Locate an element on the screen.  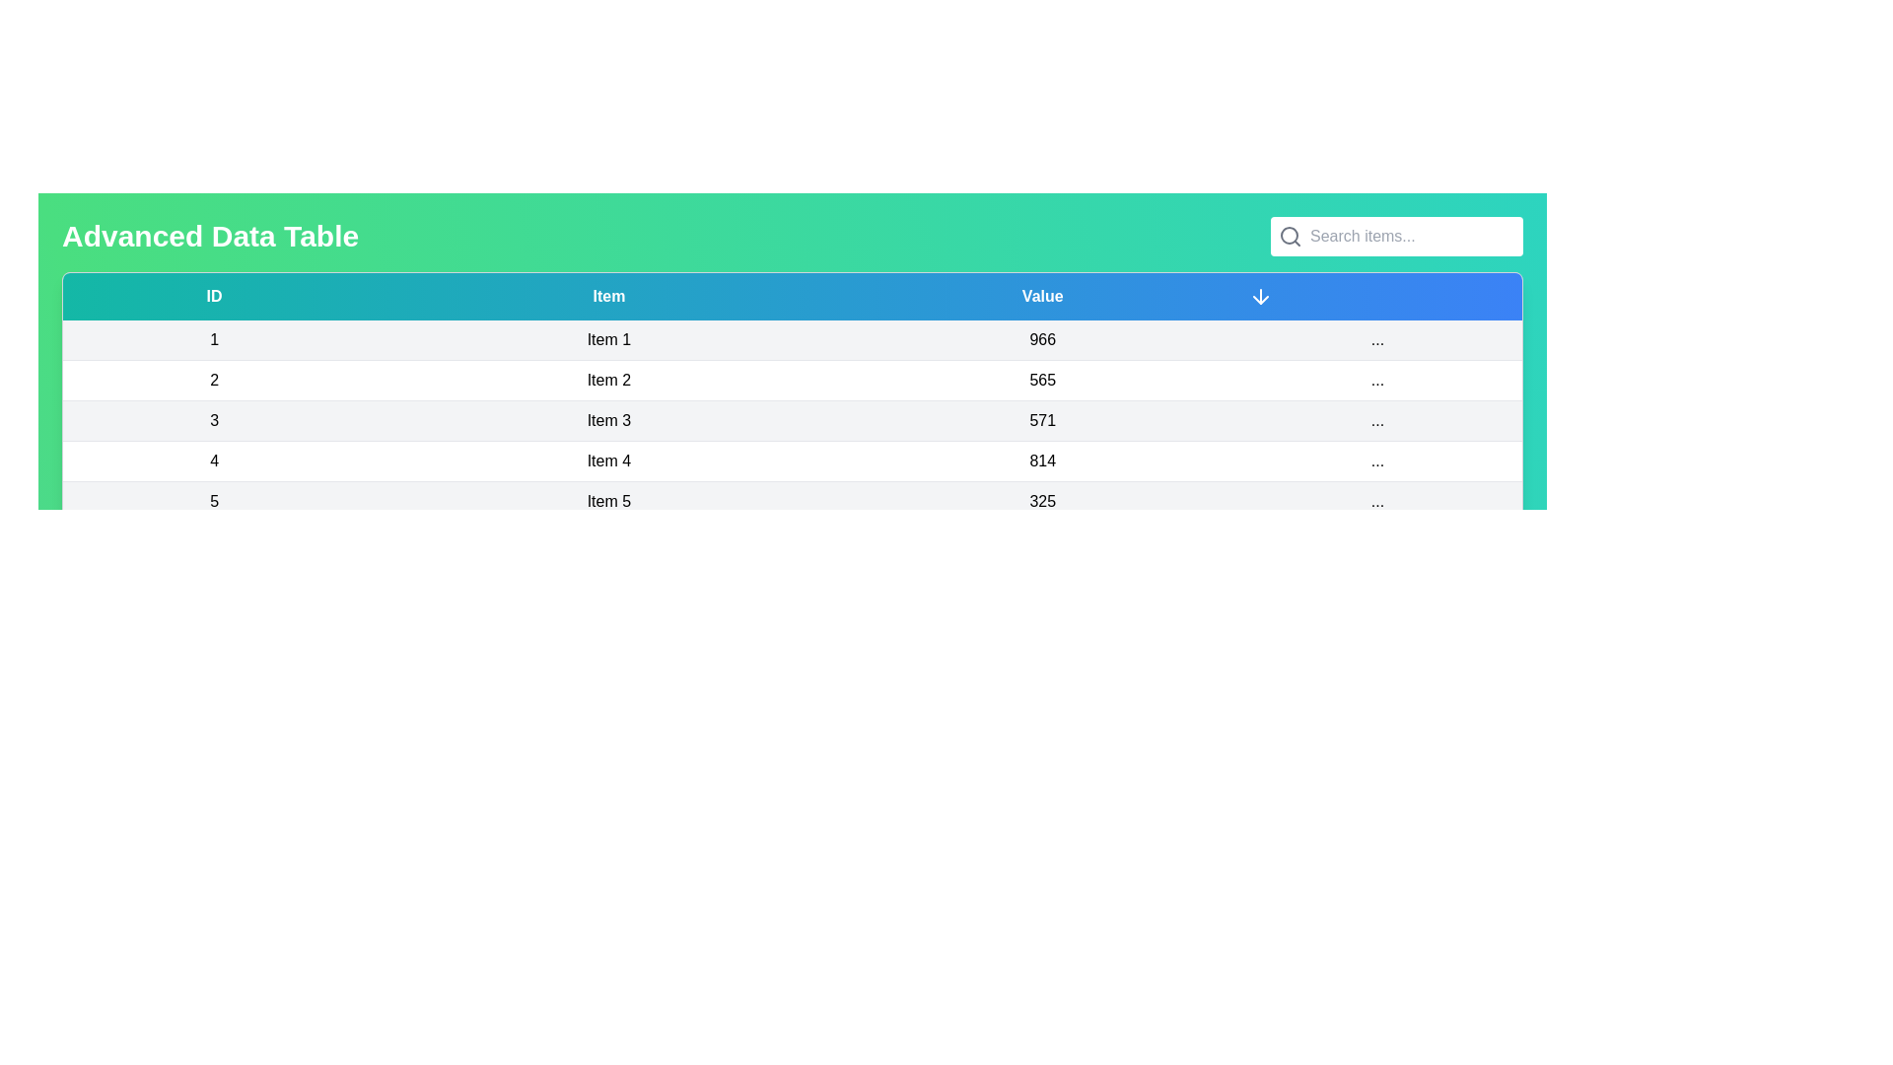
the column header ID to sort the table by that column is located at coordinates (213, 296).